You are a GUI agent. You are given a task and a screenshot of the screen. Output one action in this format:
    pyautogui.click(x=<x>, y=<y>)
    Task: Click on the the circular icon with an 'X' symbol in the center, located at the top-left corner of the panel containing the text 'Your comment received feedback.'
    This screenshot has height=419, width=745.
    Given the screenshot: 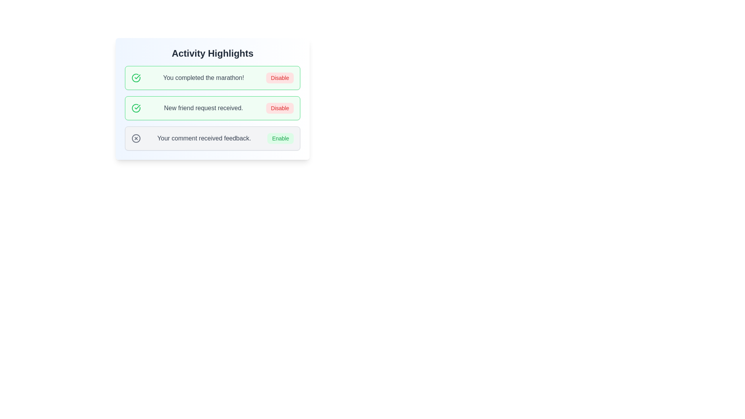 What is the action you would take?
    pyautogui.click(x=136, y=138)
    